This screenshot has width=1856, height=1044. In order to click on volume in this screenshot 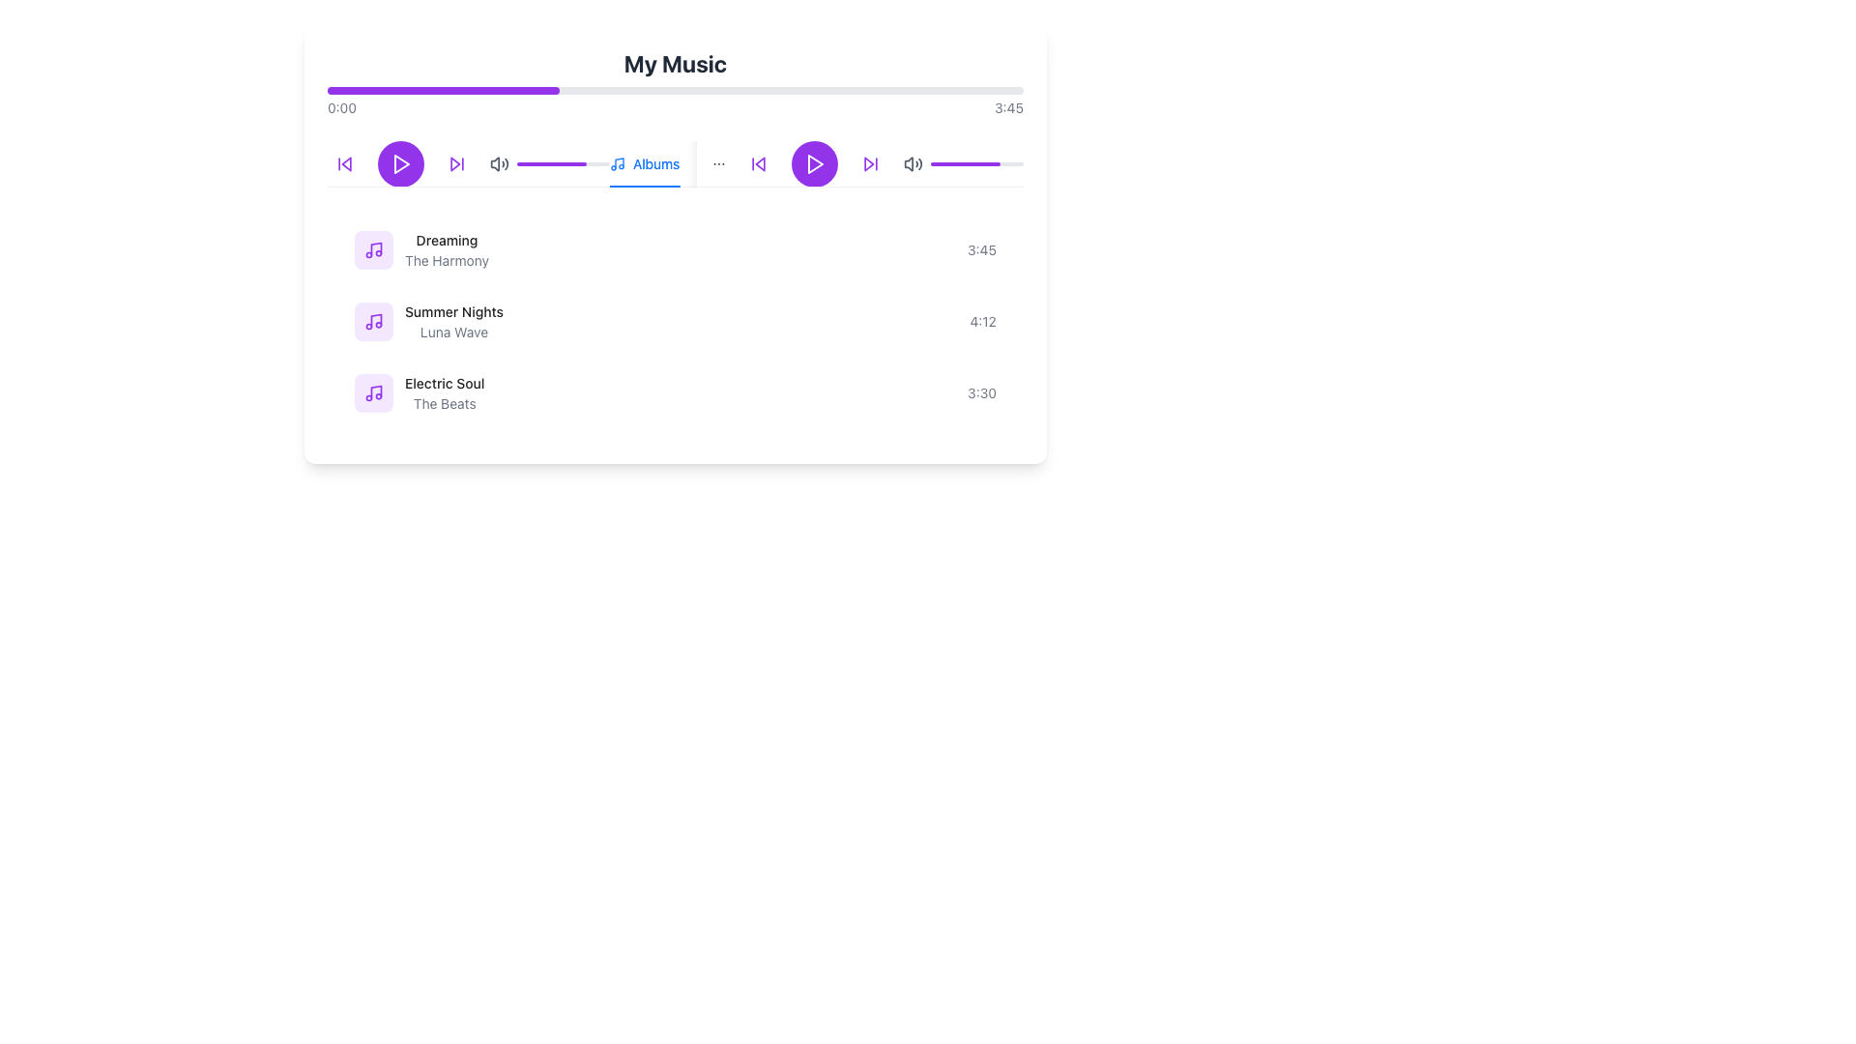, I will do `click(989, 162)`.